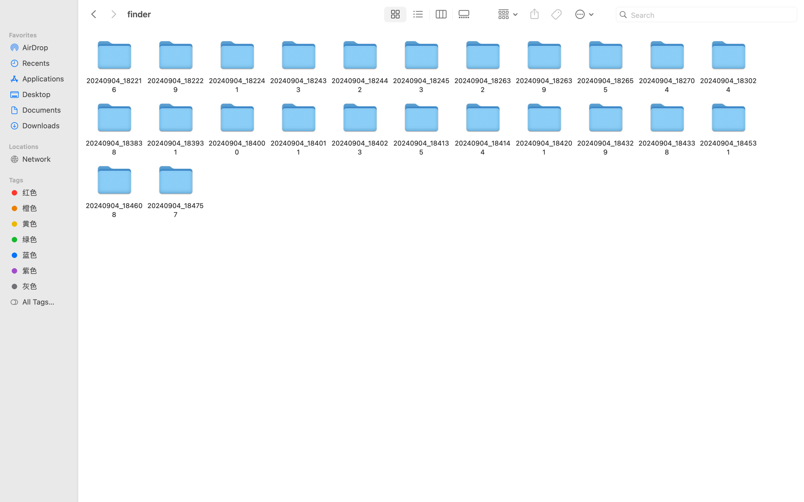 The height and width of the screenshot is (502, 804). What do you see at coordinates (45, 286) in the screenshot?
I see `'灰色'` at bounding box center [45, 286].